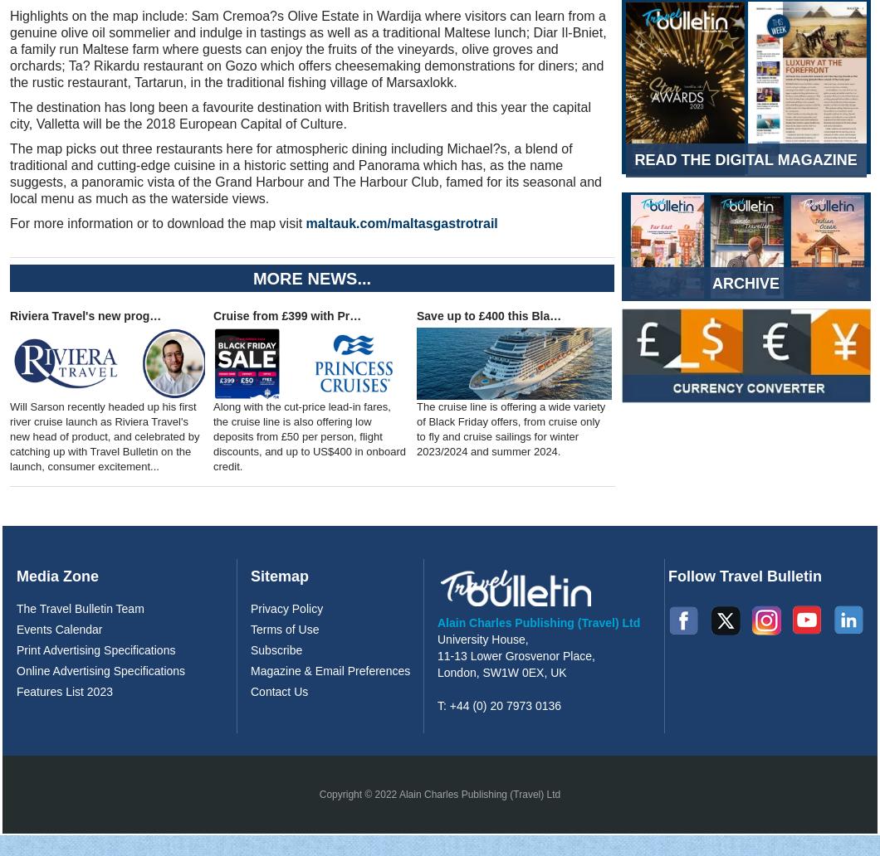  I want to click on 'Privacy Policy', so click(250, 607).